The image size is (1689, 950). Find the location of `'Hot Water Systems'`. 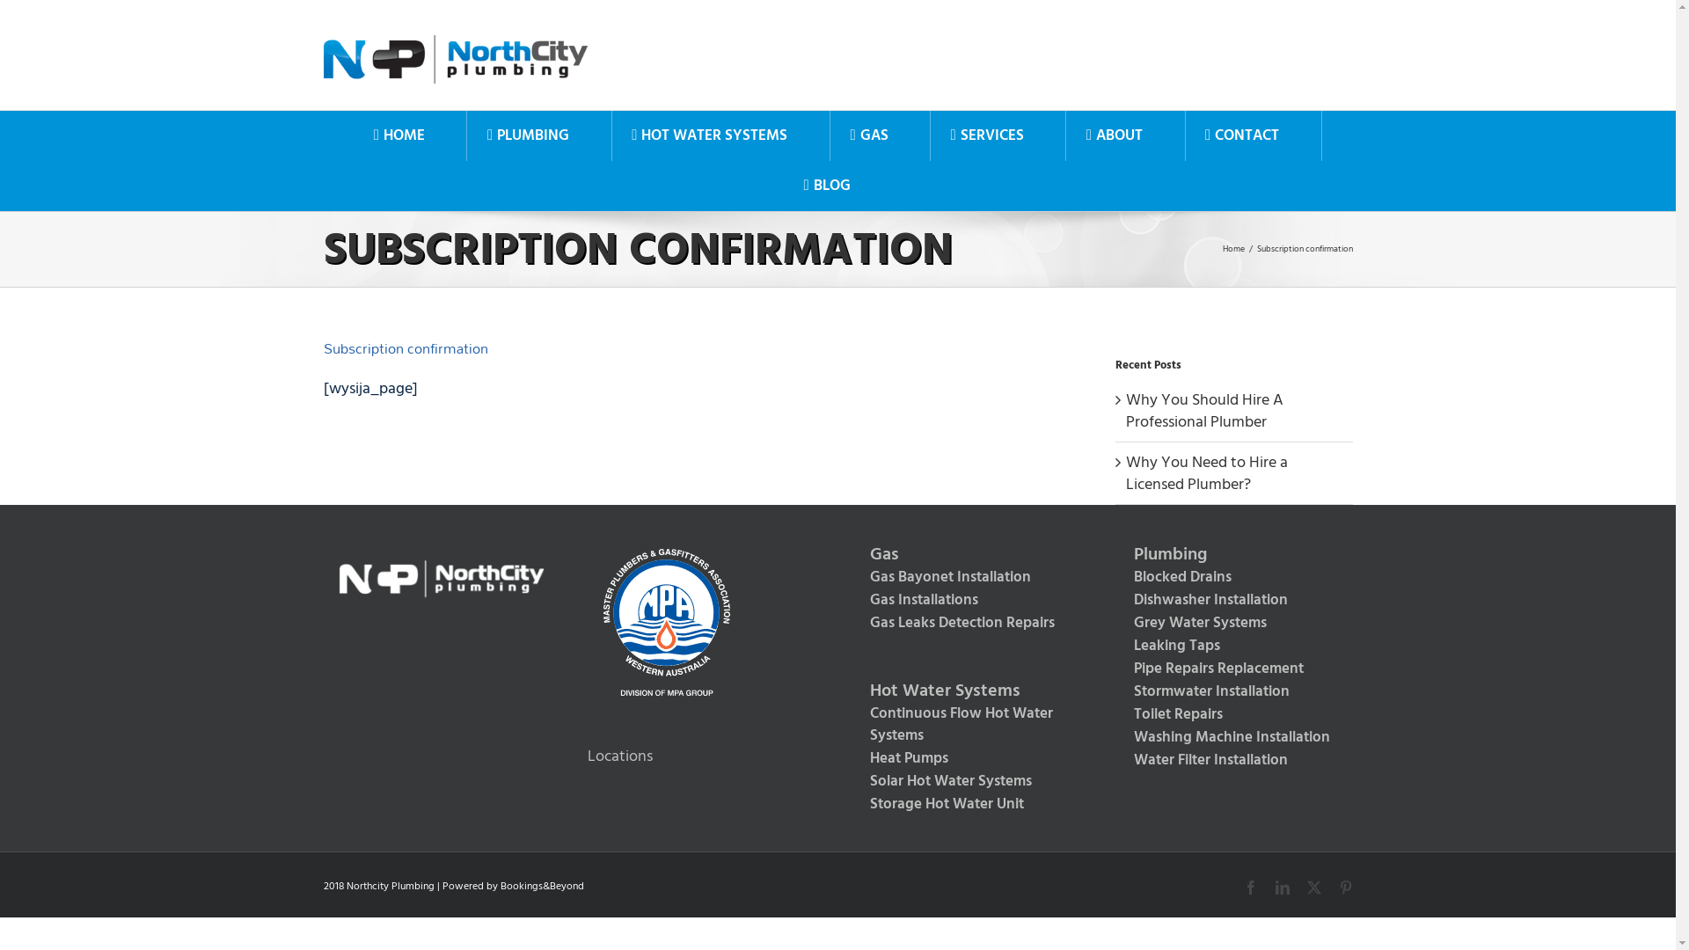

'Hot Water Systems' is located at coordinates (852, 691).